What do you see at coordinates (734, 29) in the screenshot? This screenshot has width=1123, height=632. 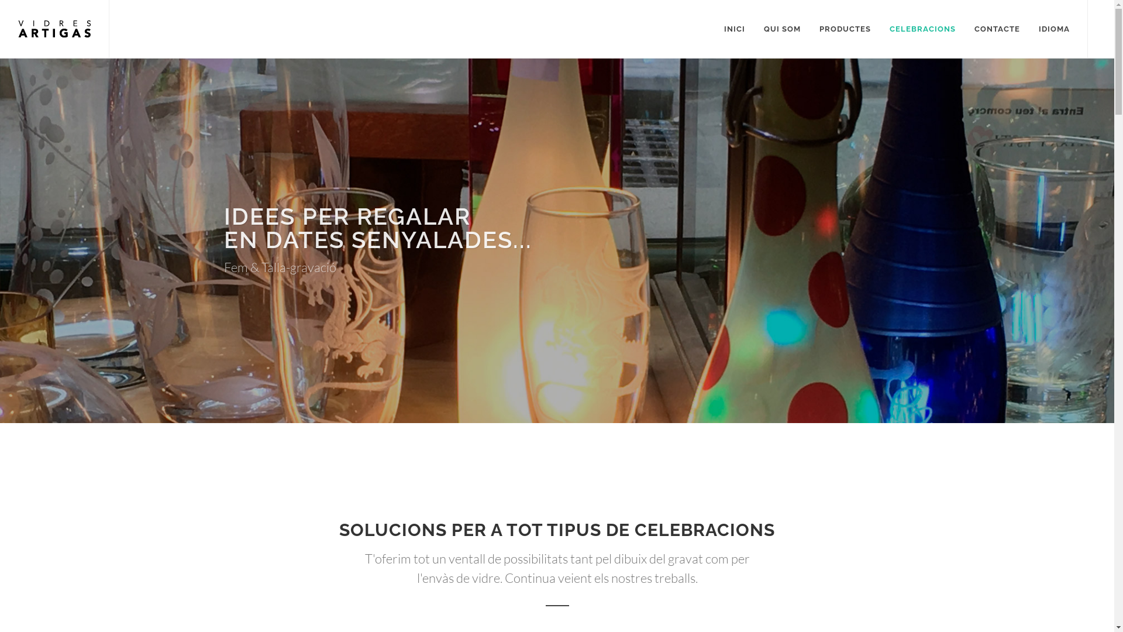 I see `'INICI'` at bounding box center [734, 29].